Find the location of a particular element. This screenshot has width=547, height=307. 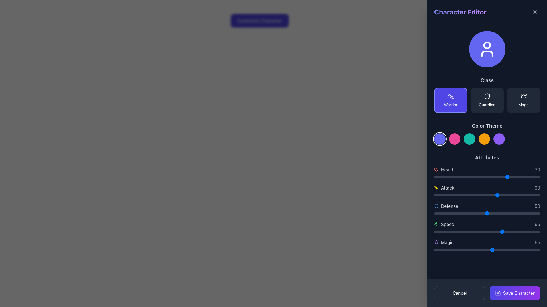

health level is located at coordinates (438, 177).